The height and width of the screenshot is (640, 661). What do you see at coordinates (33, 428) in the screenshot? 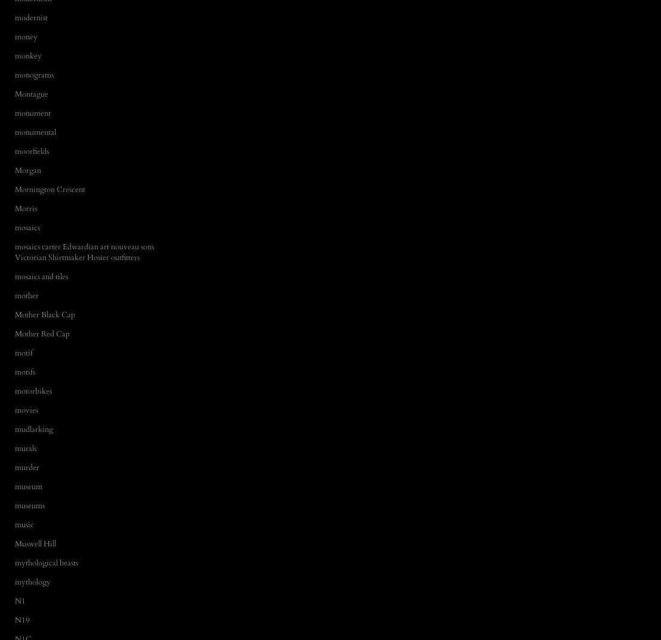
I see `'mudlarking'` at bounding box center [33, 428].